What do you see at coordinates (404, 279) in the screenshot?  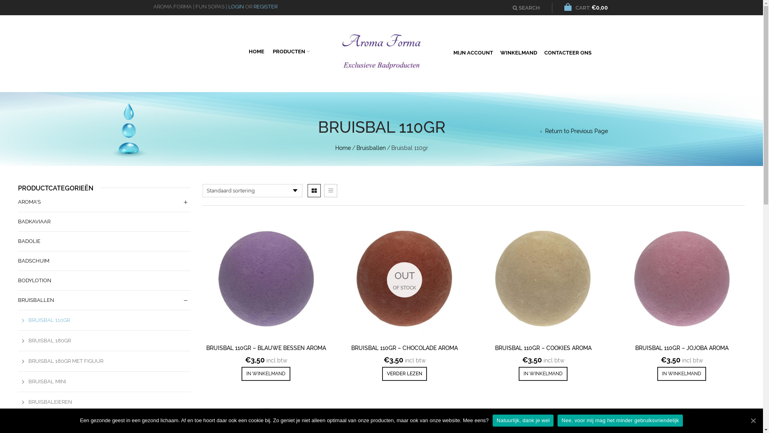 I see `'Bruisbal 110gr - Chocolade aroma'` at bounding box center [404, 279].